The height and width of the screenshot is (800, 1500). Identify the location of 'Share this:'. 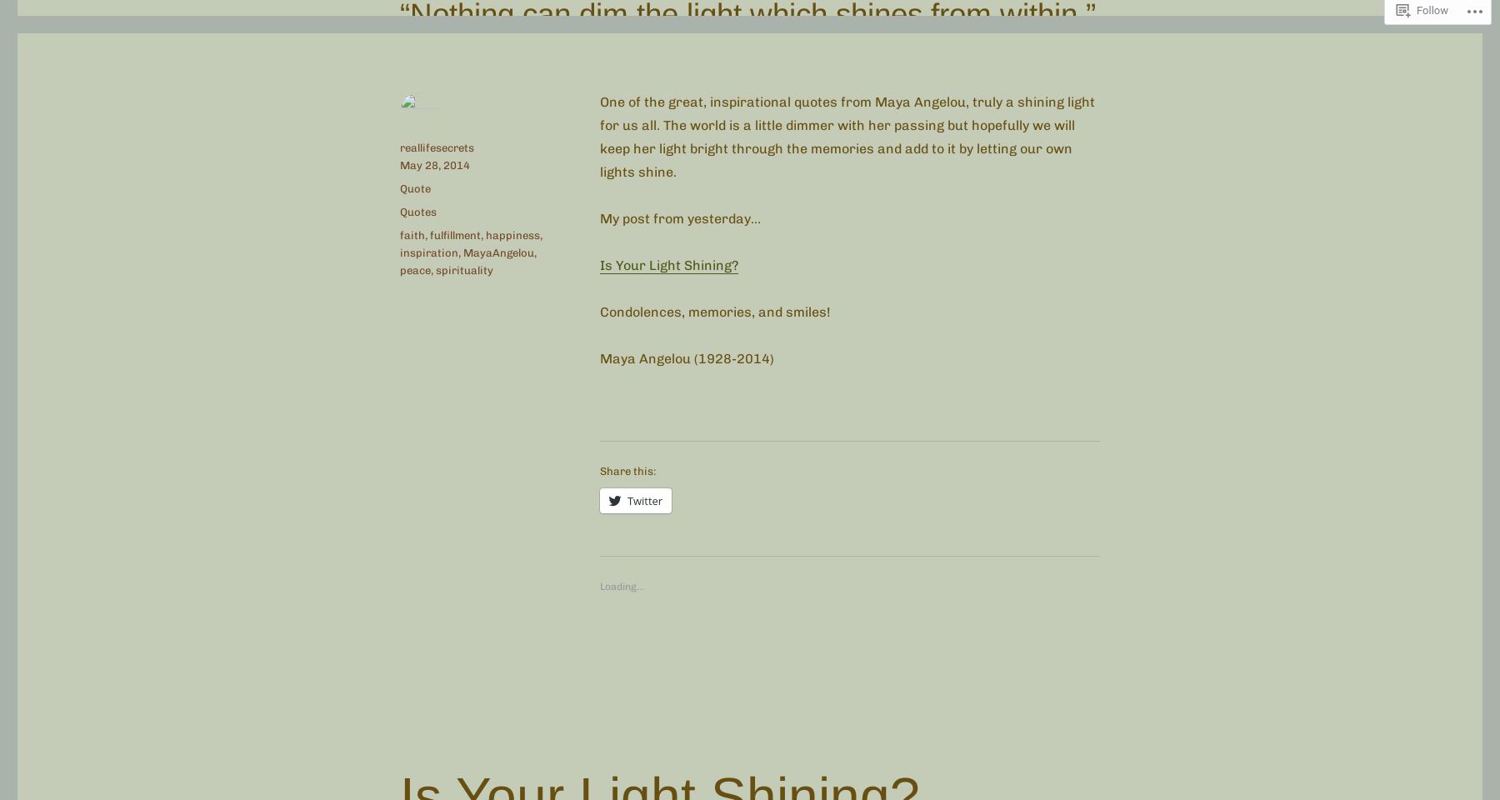
(627, 470).